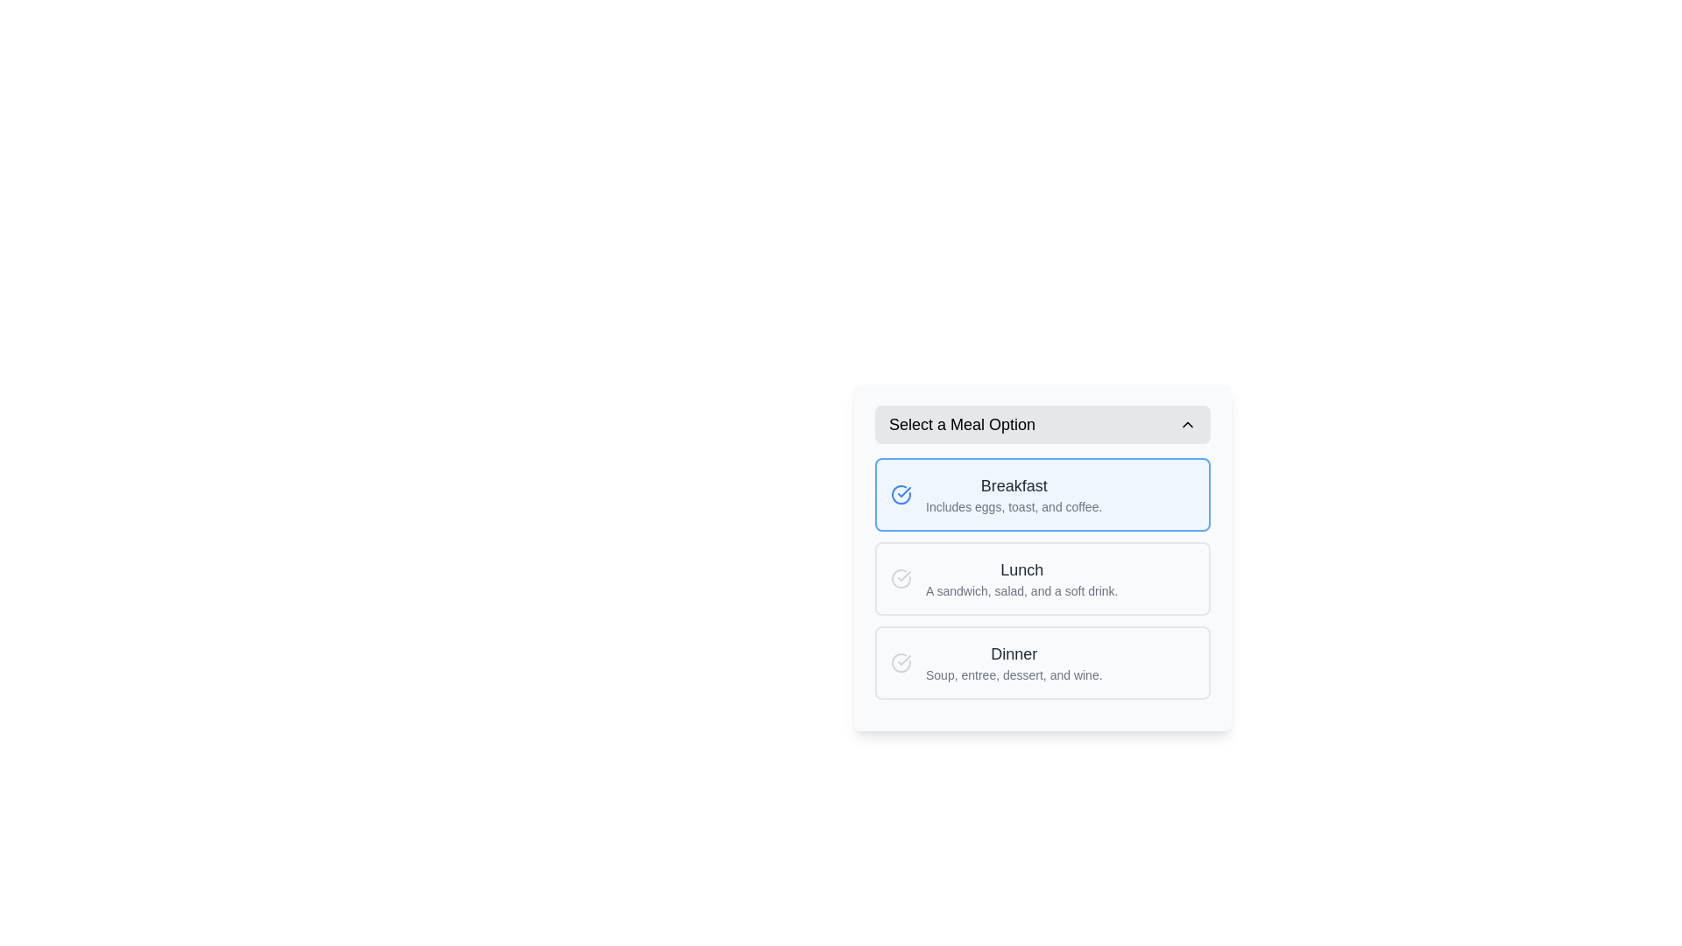 The width and height of the screenshot is (1682, 946). Describe the element at coordinates (1042, 578) in the screenshot. I see `the 'Lunch' selectable menu option, which is the middle choice in a vertical list of meal options` at that location.